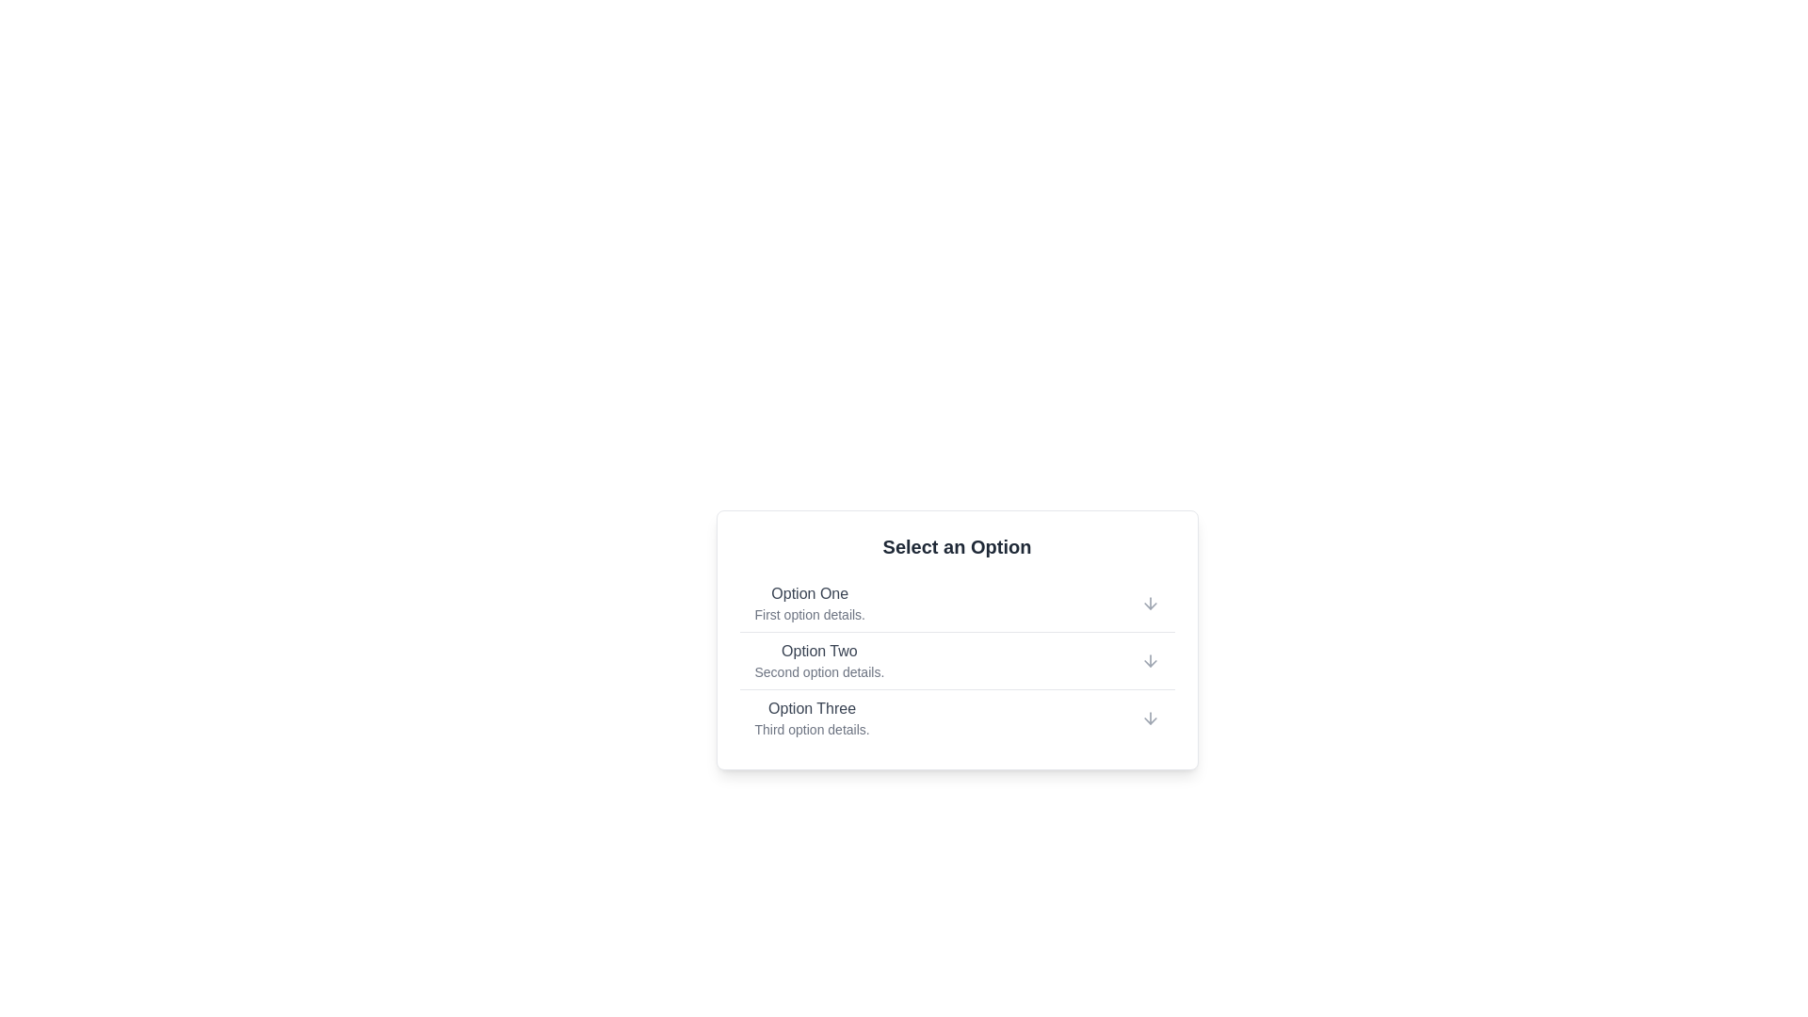 The image size is (1808, 1017). Describe the element at coordinates (957, 603) in the screenshot. I see `the first item in the selectable list titled 'Select an Option'` at that location.